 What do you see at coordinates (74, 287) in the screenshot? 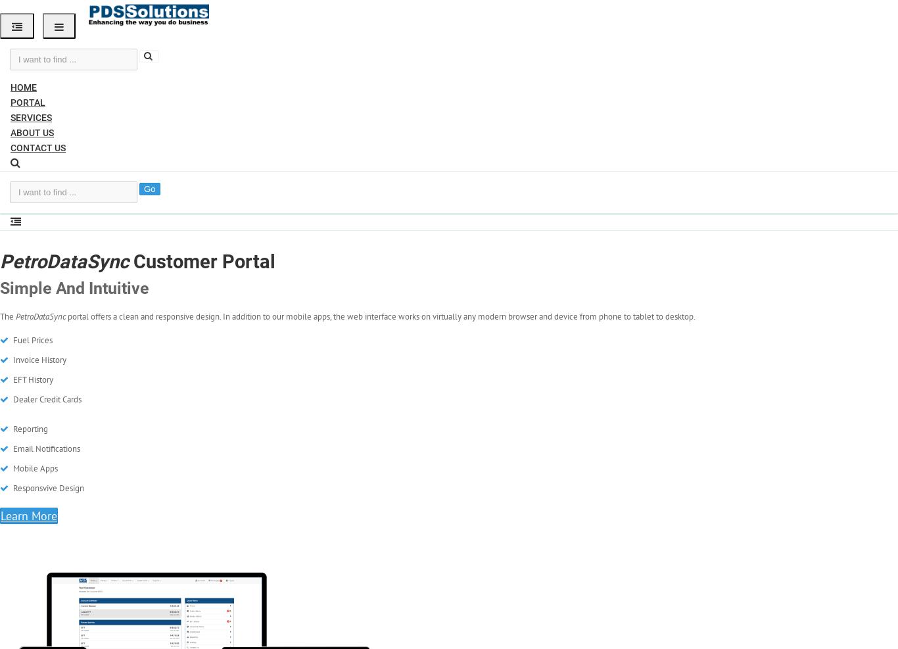
I see `'Simple and Intuitive'` at bounding box center [74, 287].